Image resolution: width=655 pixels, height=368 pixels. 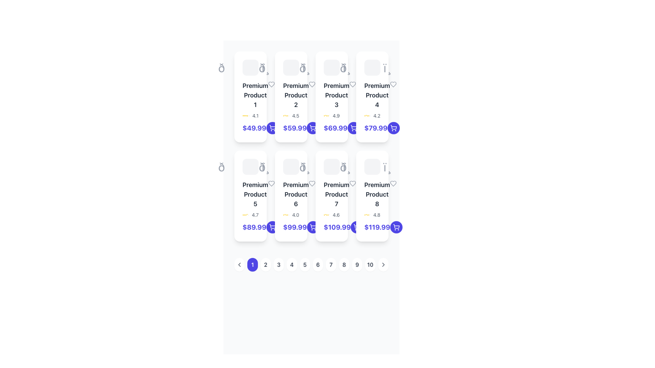 What do you see at coordinates (239, 264) in the screenshot?
I see `the leftmost icon in the navigation area at the bottom of the interface` at bounding box center [239, 264].